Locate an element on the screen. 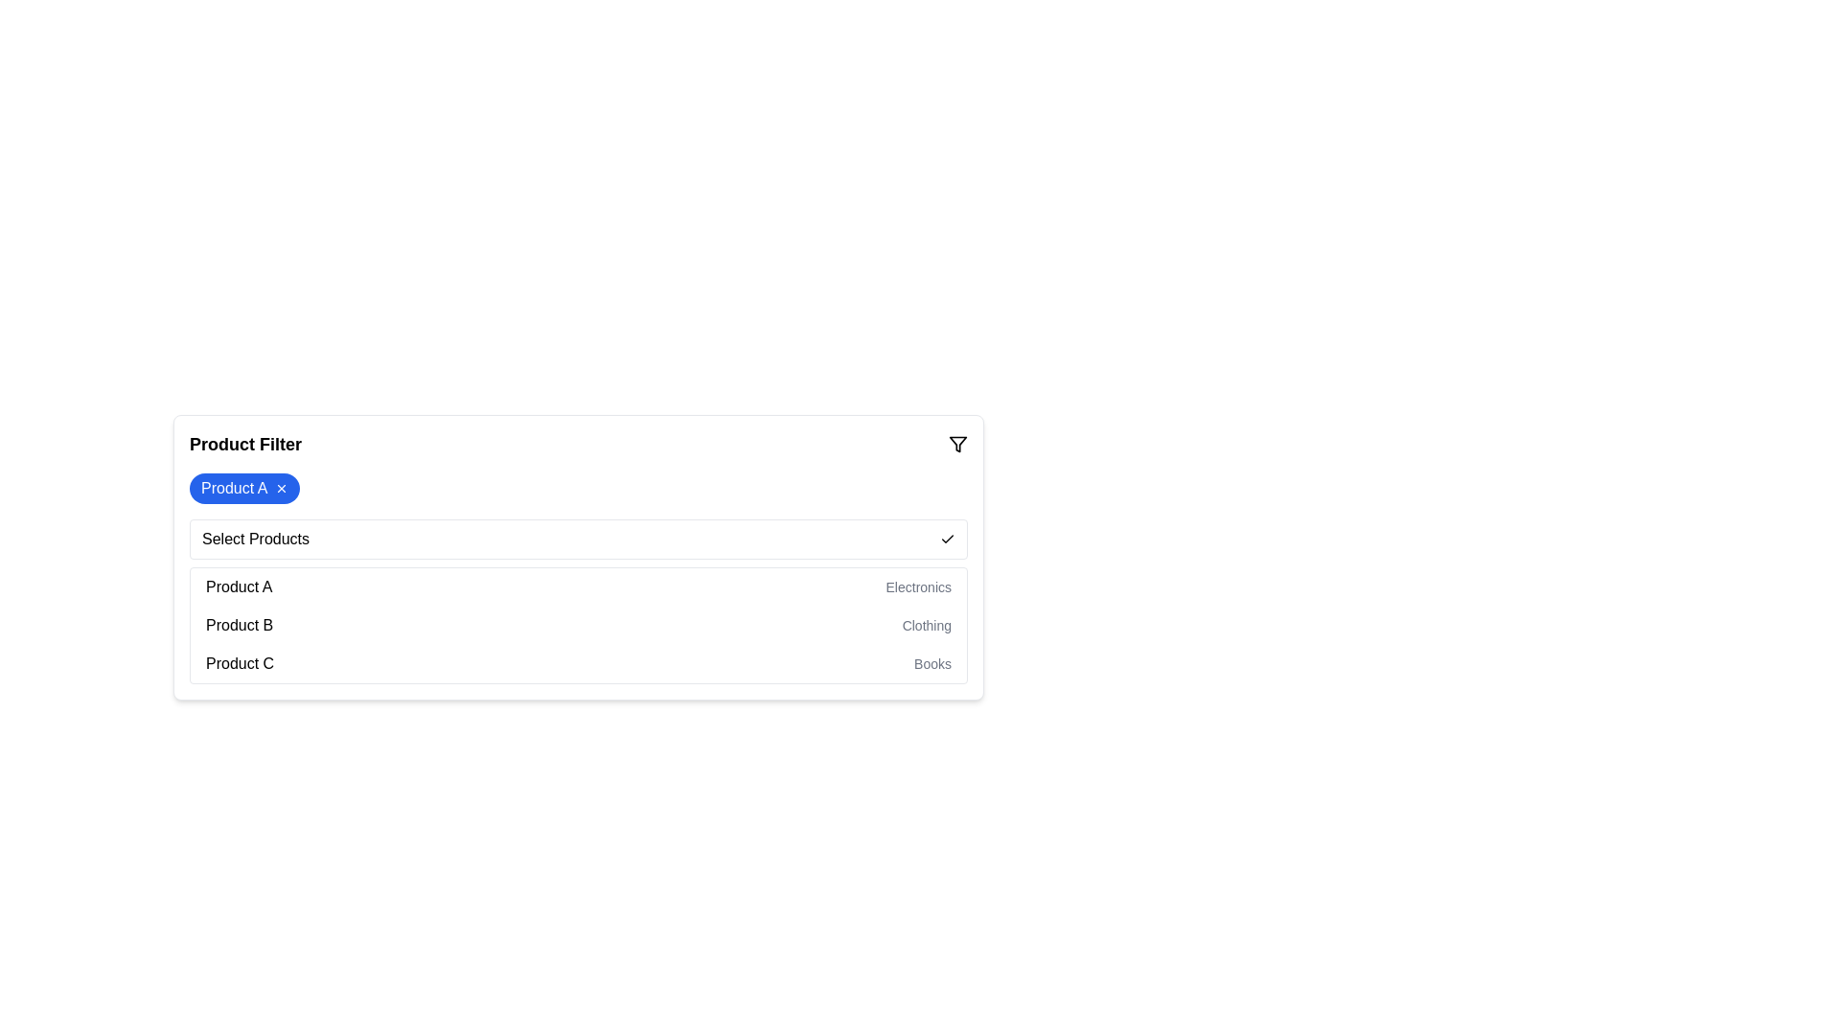 The width and height of the screenshot is (1840, 1035). the small, outlined funnel icon located in the top-right corner of the 'Product Filter' bar is located at coordinates (957, 444).